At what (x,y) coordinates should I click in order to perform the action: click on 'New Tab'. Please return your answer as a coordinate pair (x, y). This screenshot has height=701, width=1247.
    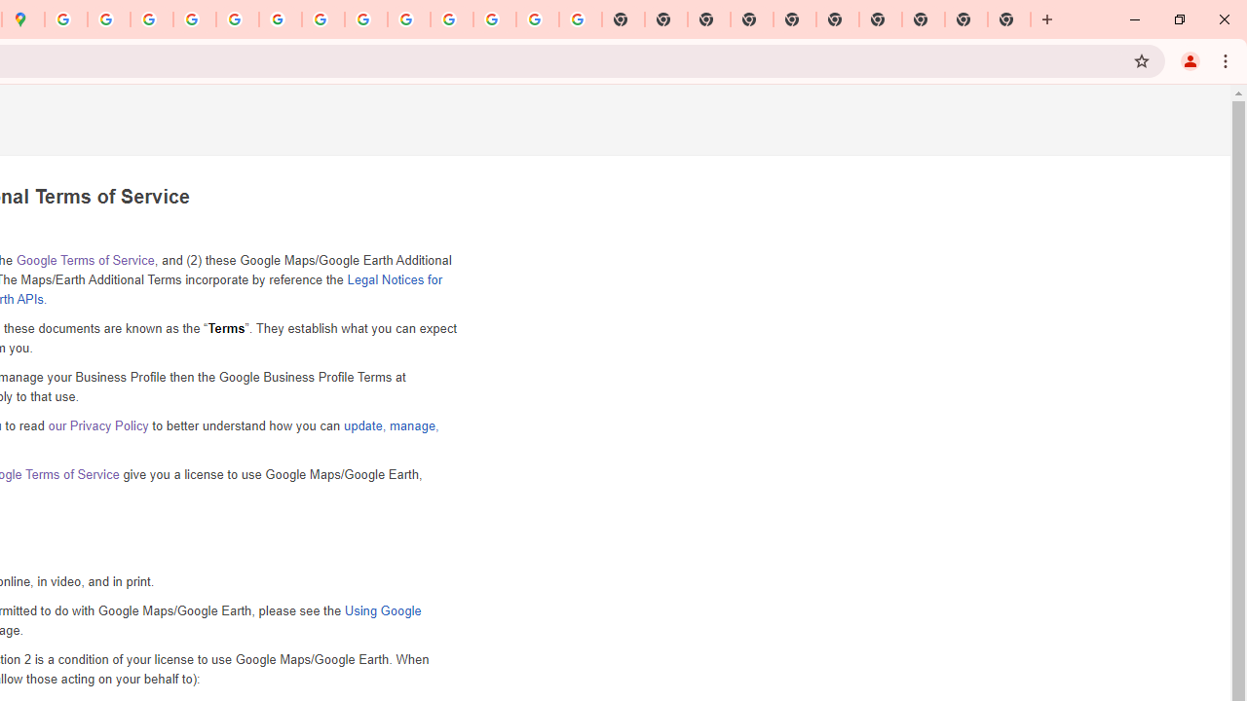
    Looking at the image, I should click on (1009, 19).